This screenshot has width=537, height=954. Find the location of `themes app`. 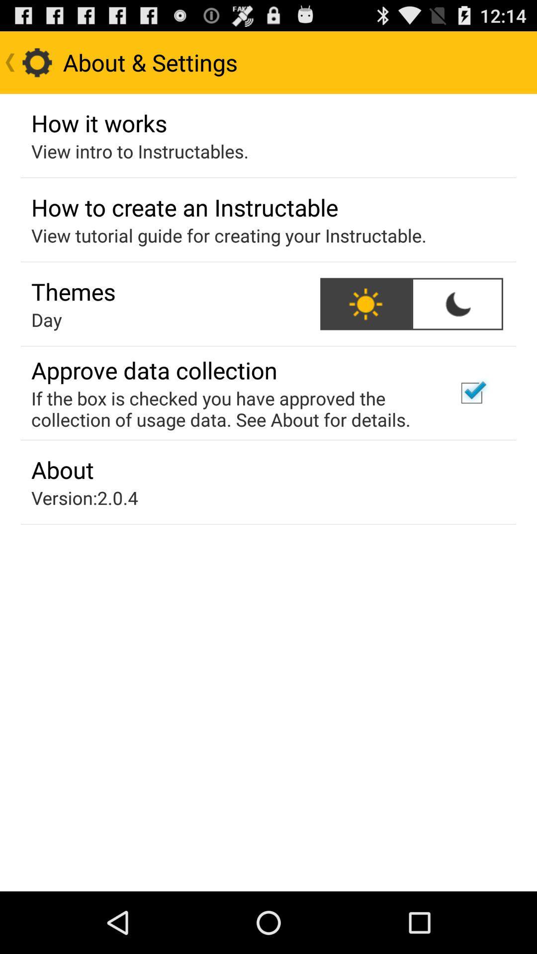

themes app is located at coordinates (73, 291).